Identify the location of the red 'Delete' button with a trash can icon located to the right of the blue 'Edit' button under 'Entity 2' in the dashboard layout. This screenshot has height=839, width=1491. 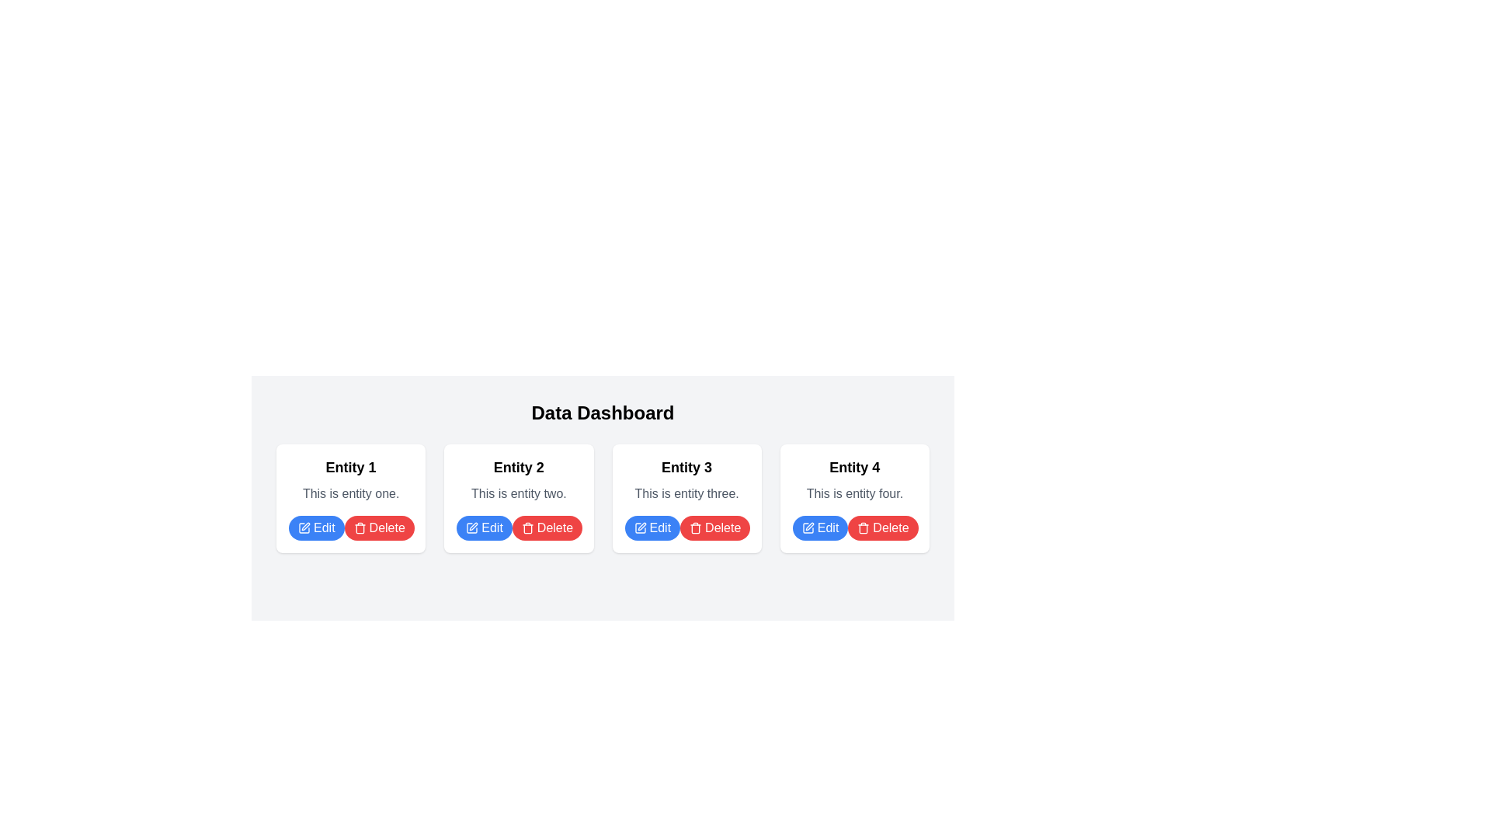
(547, 527).